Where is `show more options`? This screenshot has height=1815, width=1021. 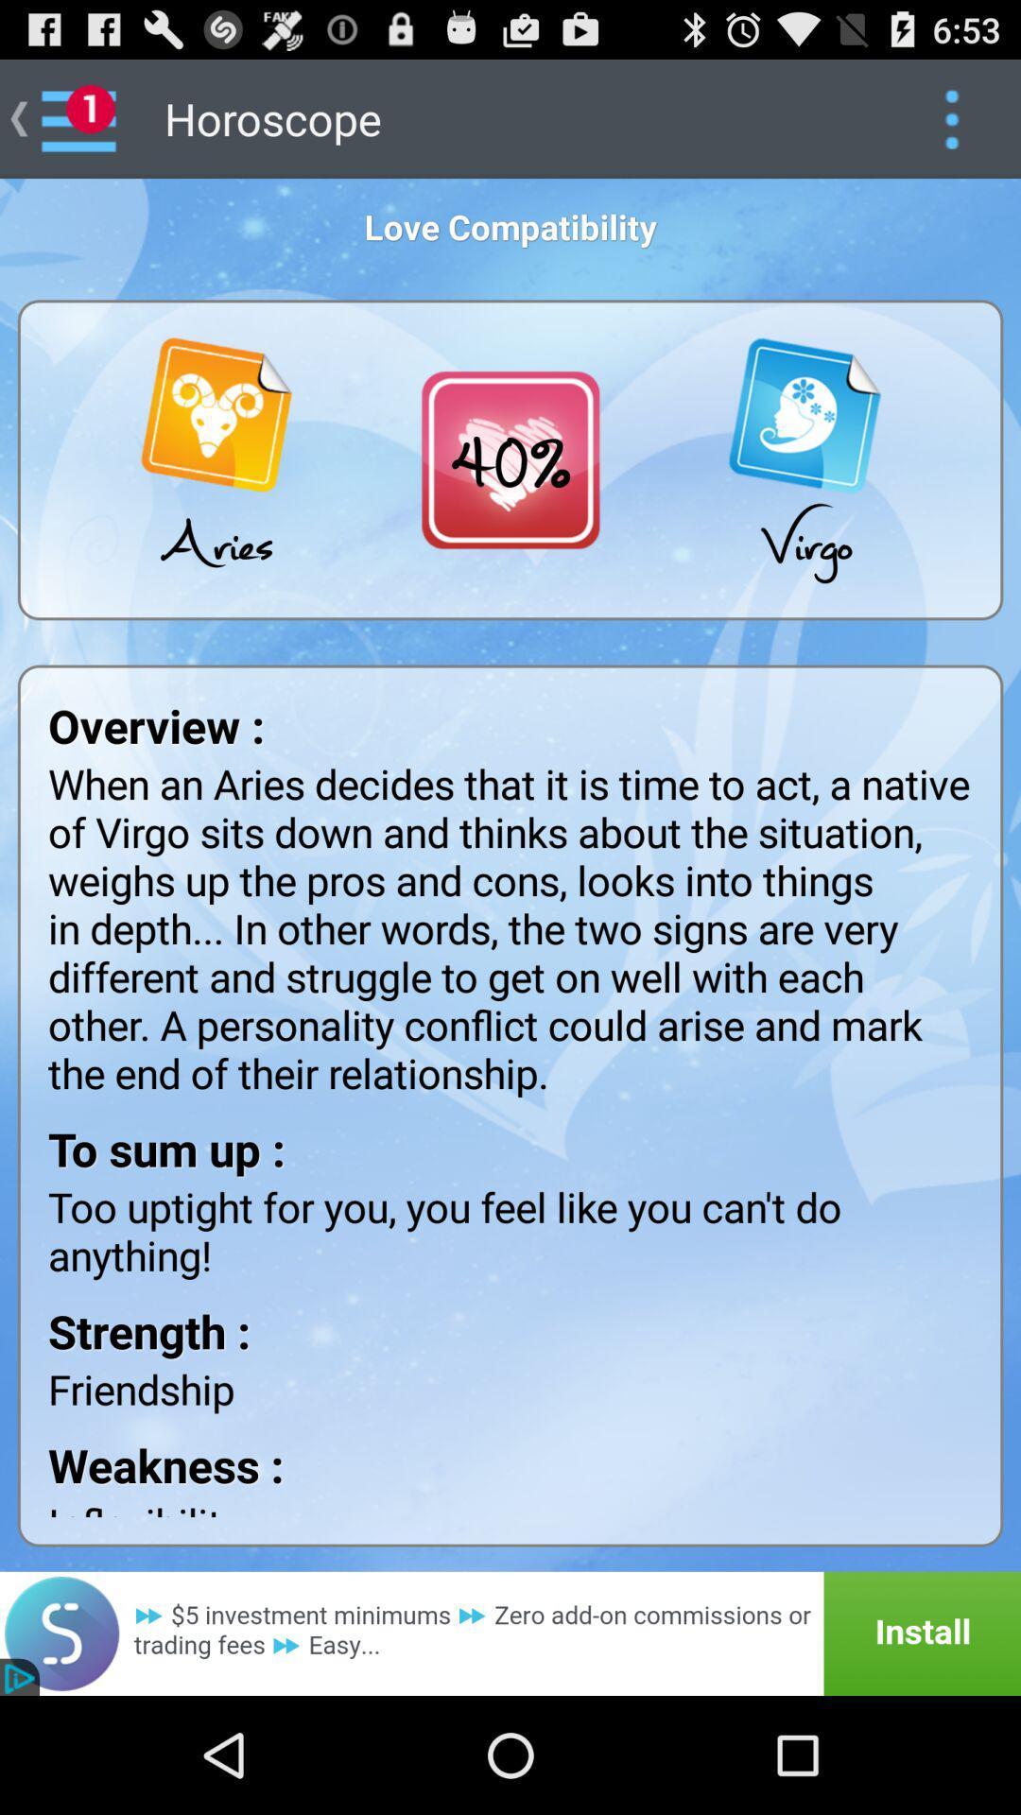
show more options is located at coordinates (951, 117).